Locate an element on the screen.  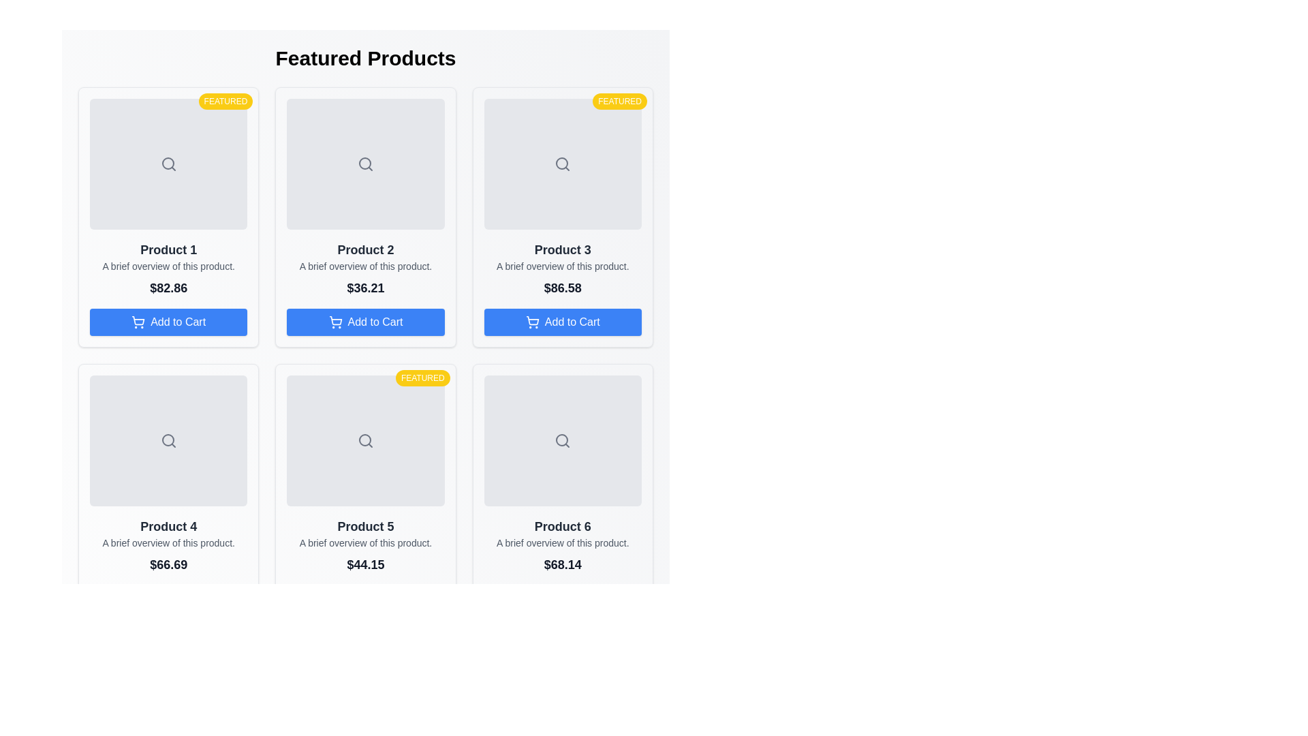
the cart icon located within the blue 'Add to Cart' button of the second product card in the top row, second column under the 'Featured Products' title is located at coordinates (335, 322).